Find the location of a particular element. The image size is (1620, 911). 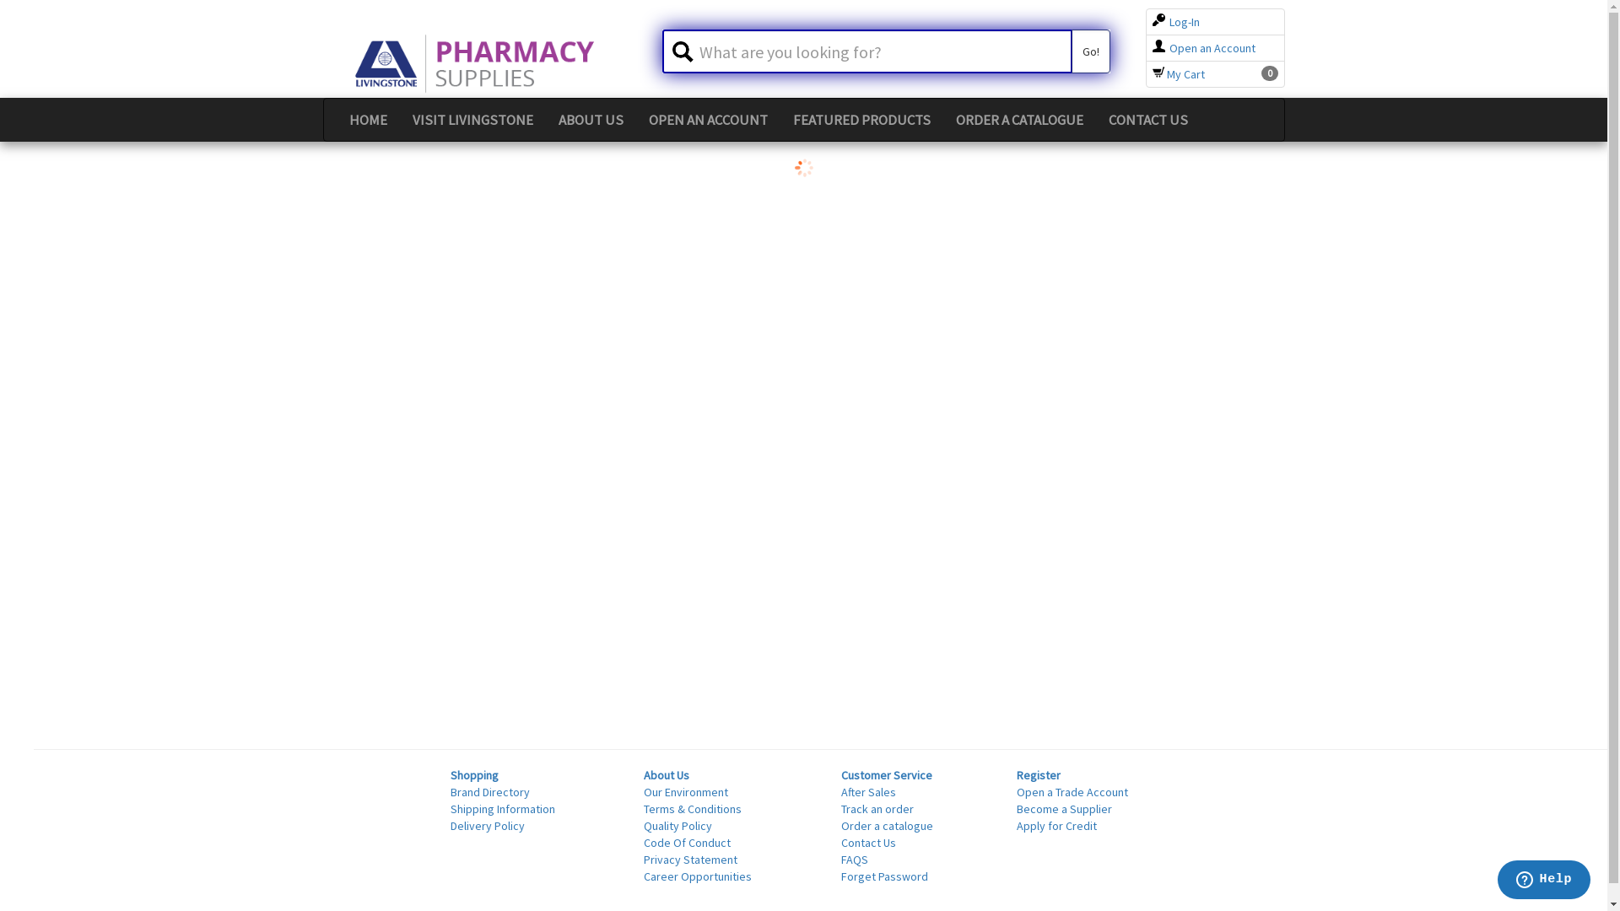

'Code Of Conduct' is located at coordinates (687, 843).